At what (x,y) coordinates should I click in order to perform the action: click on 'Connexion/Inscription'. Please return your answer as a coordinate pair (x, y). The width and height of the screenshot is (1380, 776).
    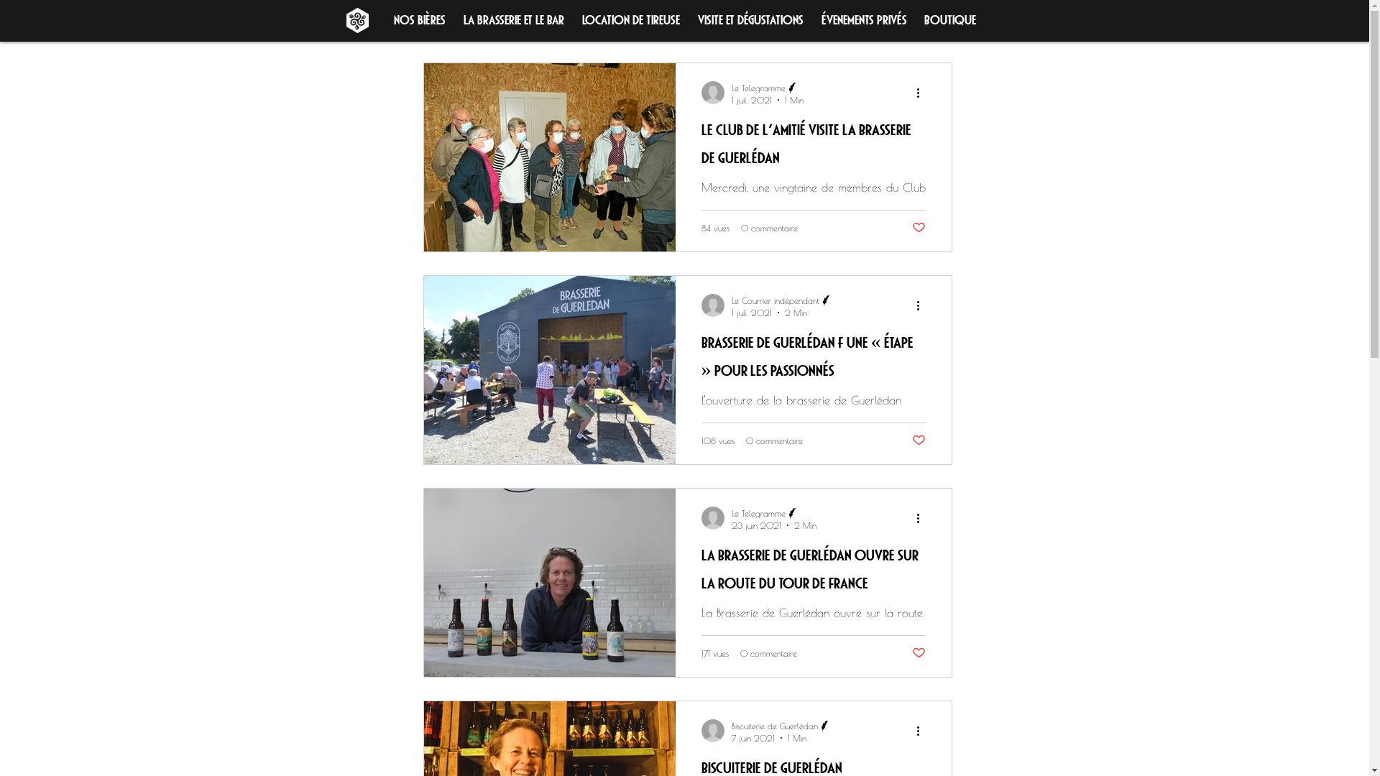
    Looking at the image, I should click on (824, 19).